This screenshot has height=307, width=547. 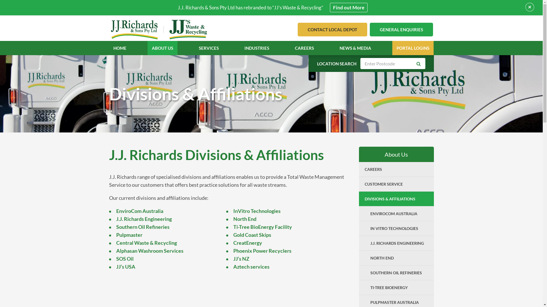 What do you see at coordinates (124, 259) in the screenshot?
I see `'SOS Oil'` at bounding box center [124, 259].